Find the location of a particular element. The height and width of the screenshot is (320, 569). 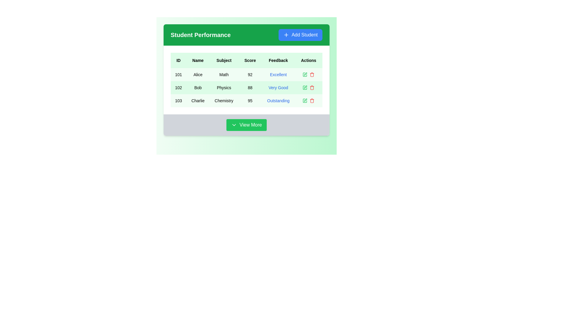

the 'Actions' text label, which is a bold black label on a light green background, located at the far right of the header row in a table is located at coordinates (308, 60).